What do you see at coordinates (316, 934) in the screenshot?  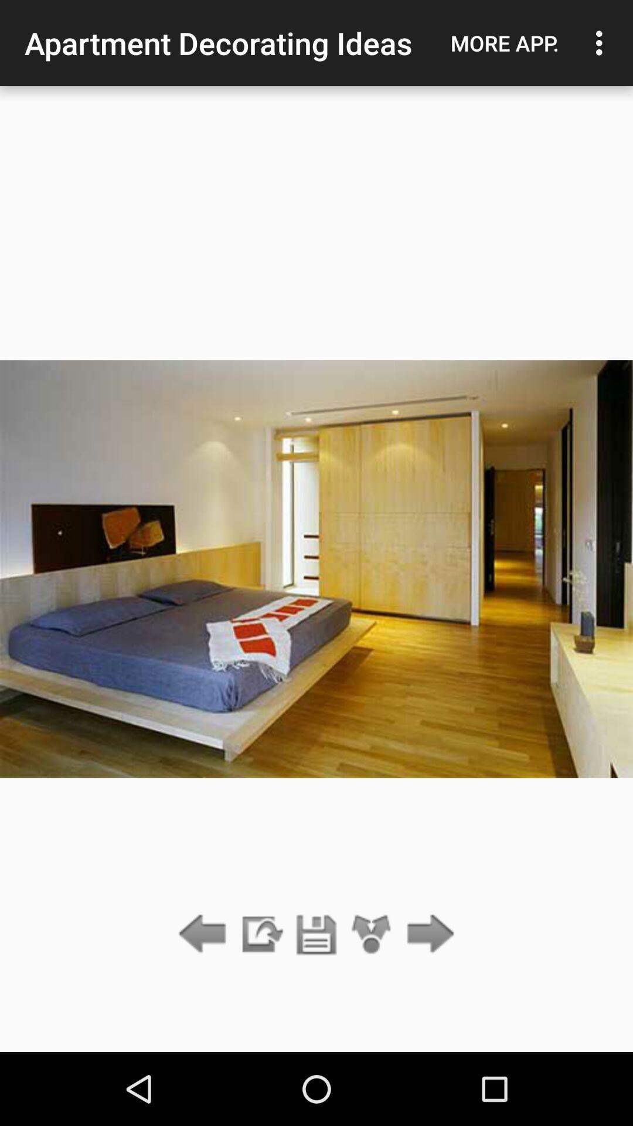 I see `the save icon` at bounding box center [316, 934].